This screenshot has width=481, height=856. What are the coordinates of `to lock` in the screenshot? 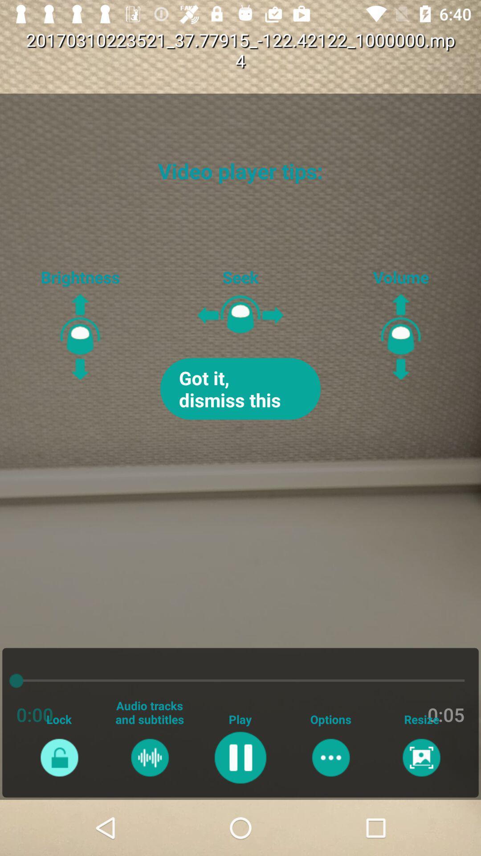 It's located at (59, 757).